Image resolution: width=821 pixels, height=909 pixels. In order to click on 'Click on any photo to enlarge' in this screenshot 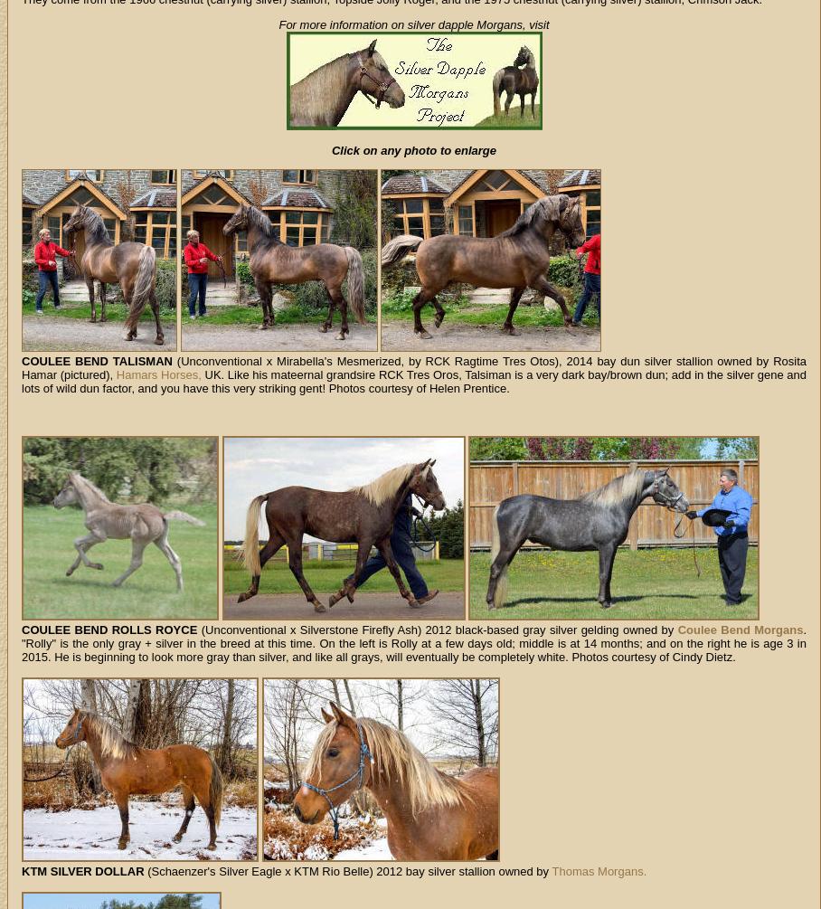, I will do `click(412, 150)`.